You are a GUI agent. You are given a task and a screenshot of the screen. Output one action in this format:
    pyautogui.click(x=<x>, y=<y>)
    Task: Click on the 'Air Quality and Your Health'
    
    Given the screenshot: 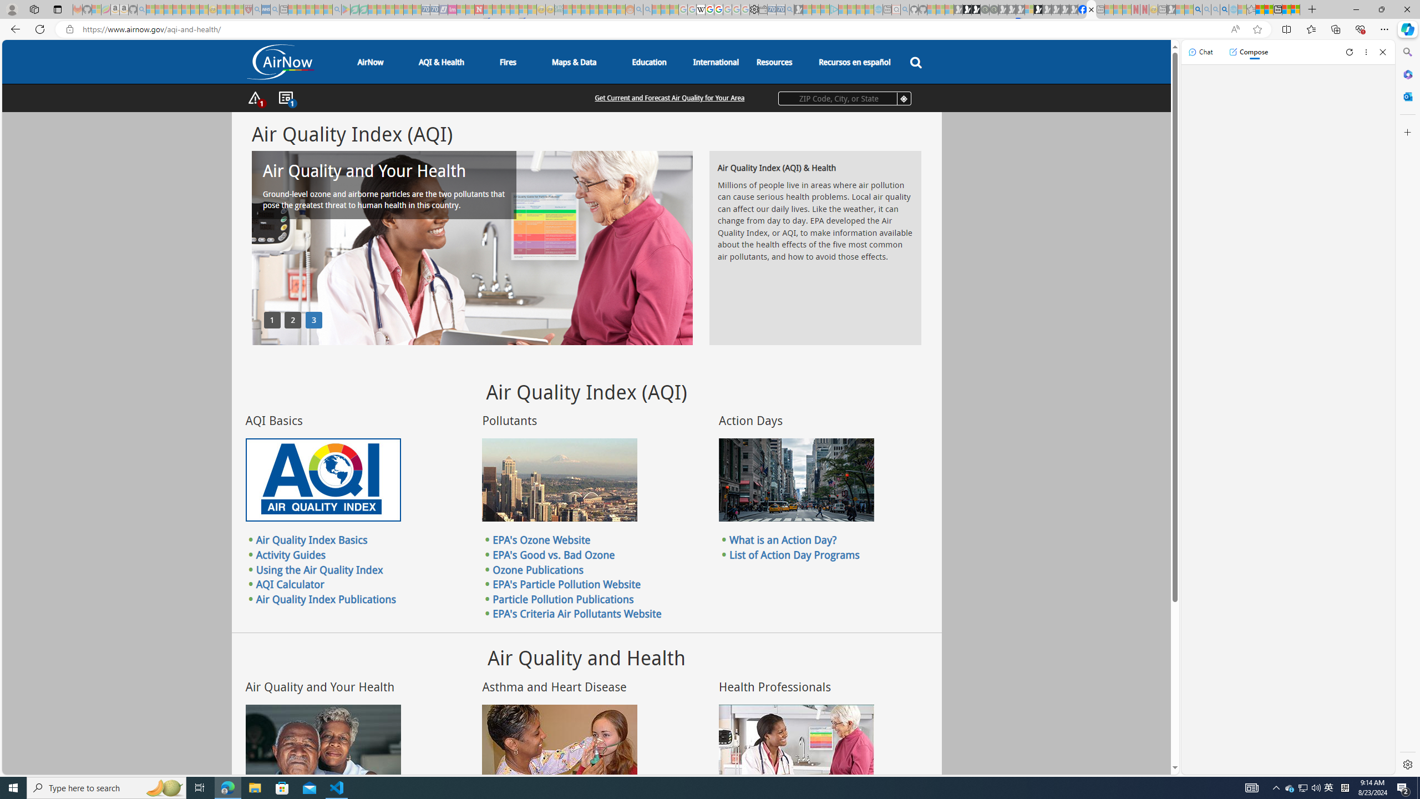 What is the action you would take?
    pyautogui.click(x=323, y=746)
    